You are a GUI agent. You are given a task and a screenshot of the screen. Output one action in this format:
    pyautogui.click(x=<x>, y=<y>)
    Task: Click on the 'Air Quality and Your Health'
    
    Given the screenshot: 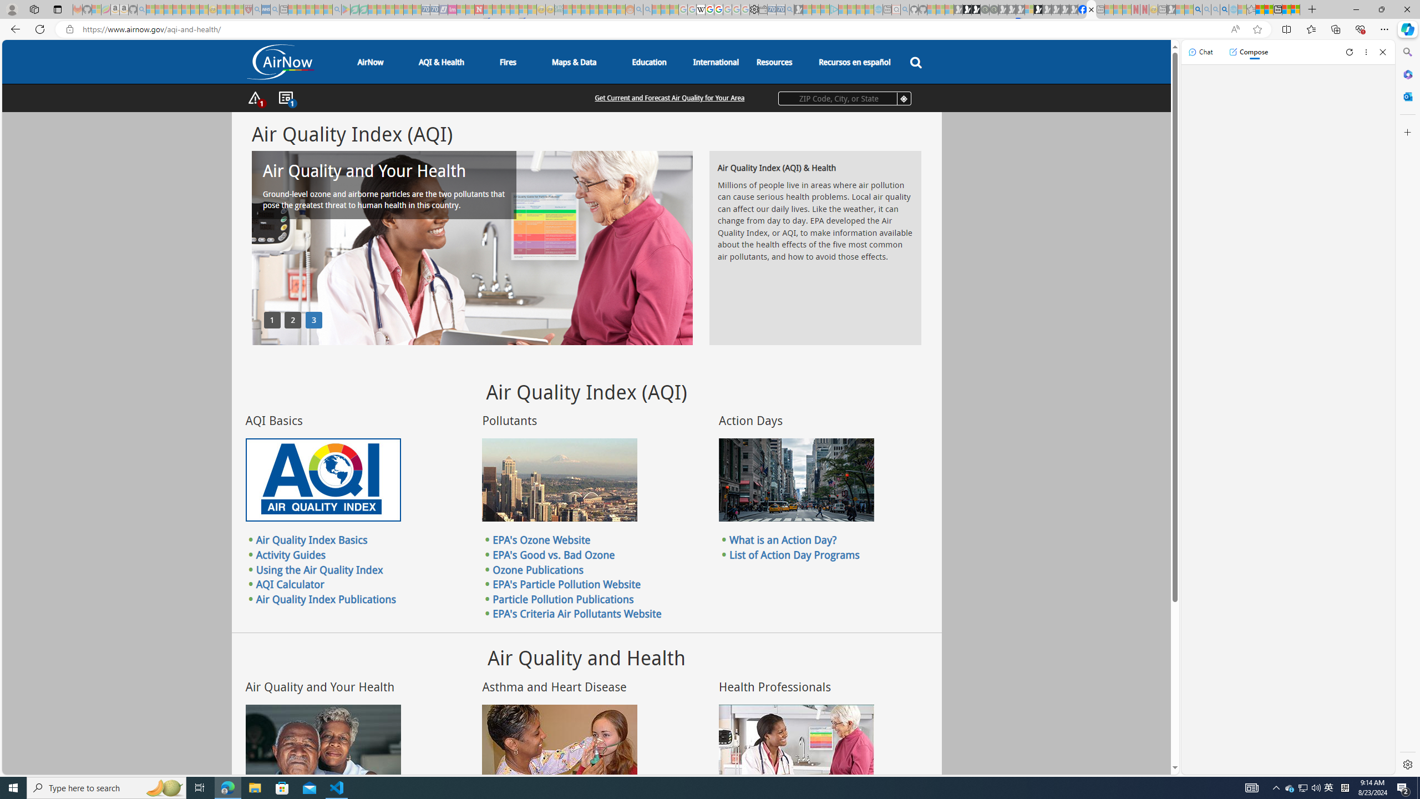 What is the action you would take?
    pyautogui.click(x=323, y=746)
    